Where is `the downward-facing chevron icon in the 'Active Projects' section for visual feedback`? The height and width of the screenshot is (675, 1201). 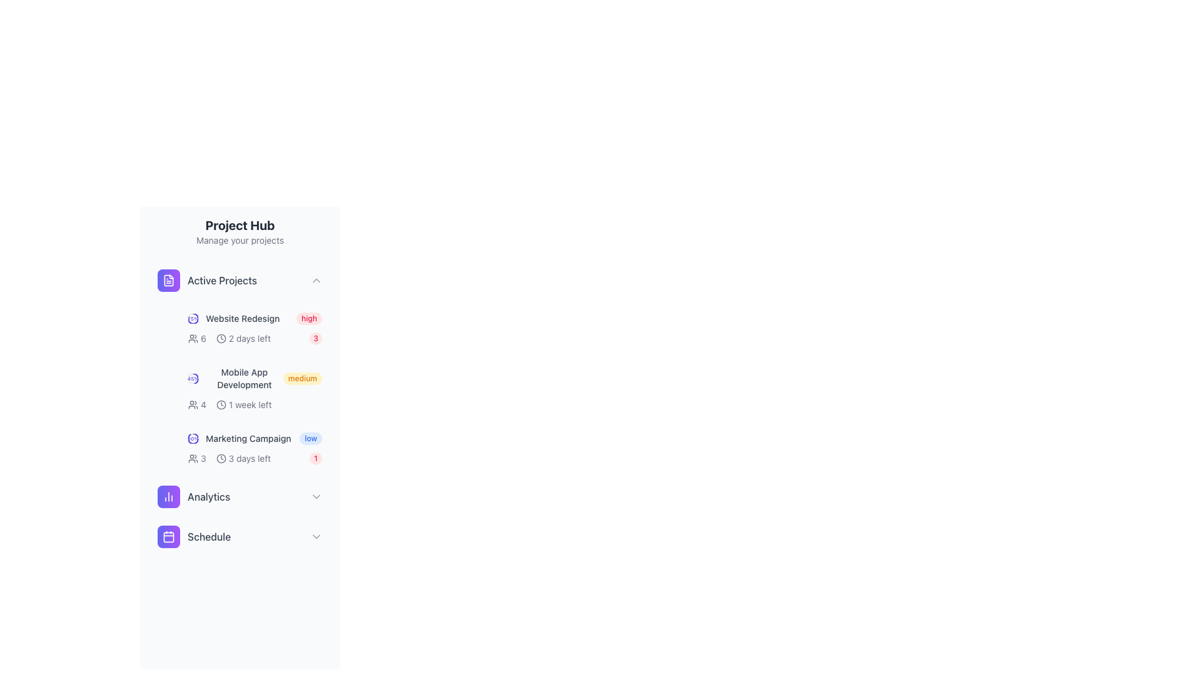
the downward-facing chevron icon in the 'Active Projects' section for visual feedback is located at coordinates (316, 279).